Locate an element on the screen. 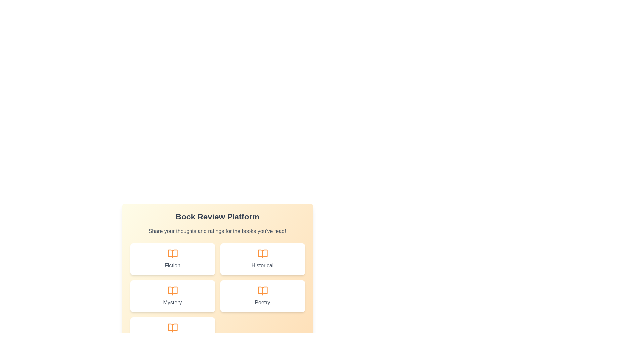 The height and width of the screenshot is (357, 635). the title text that describes the interface as a 'Book Review Platform', located at the top of the central card layout is located at coordinates (217, 217).